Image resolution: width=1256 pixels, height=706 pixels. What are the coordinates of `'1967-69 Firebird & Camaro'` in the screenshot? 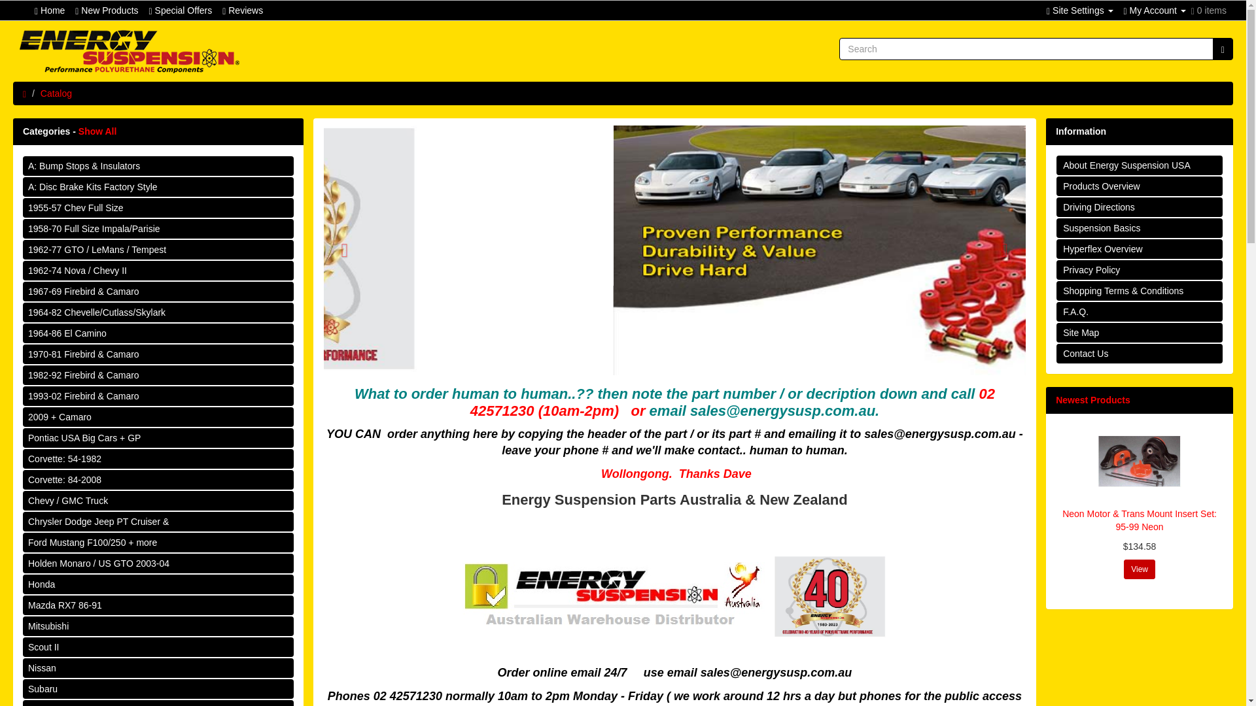 It's located at (157, 291).